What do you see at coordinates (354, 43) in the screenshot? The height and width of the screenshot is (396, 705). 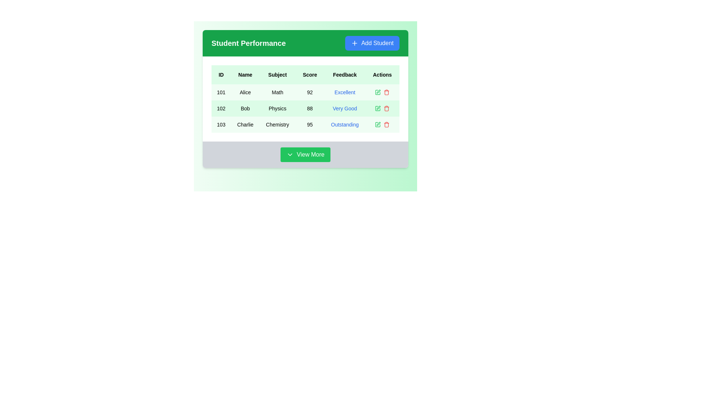 I see `the '+' icon located inside the 'Add Student' button at the top-right corner of the 'Student Performance' section` at bounding box center [354, 43].